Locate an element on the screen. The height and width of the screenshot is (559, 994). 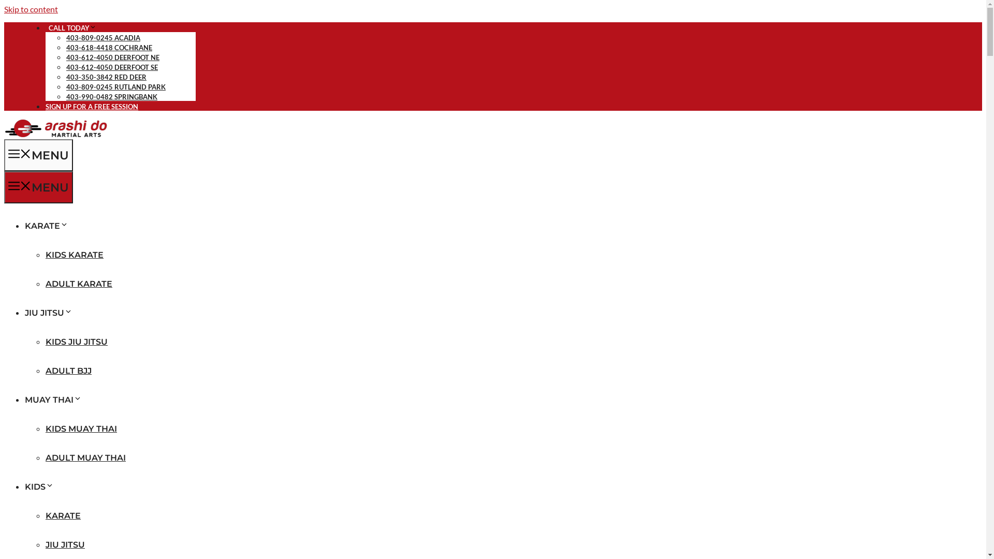
'SIGN UP FOR A FREE SESSION' is located at coordinates (92, 106).